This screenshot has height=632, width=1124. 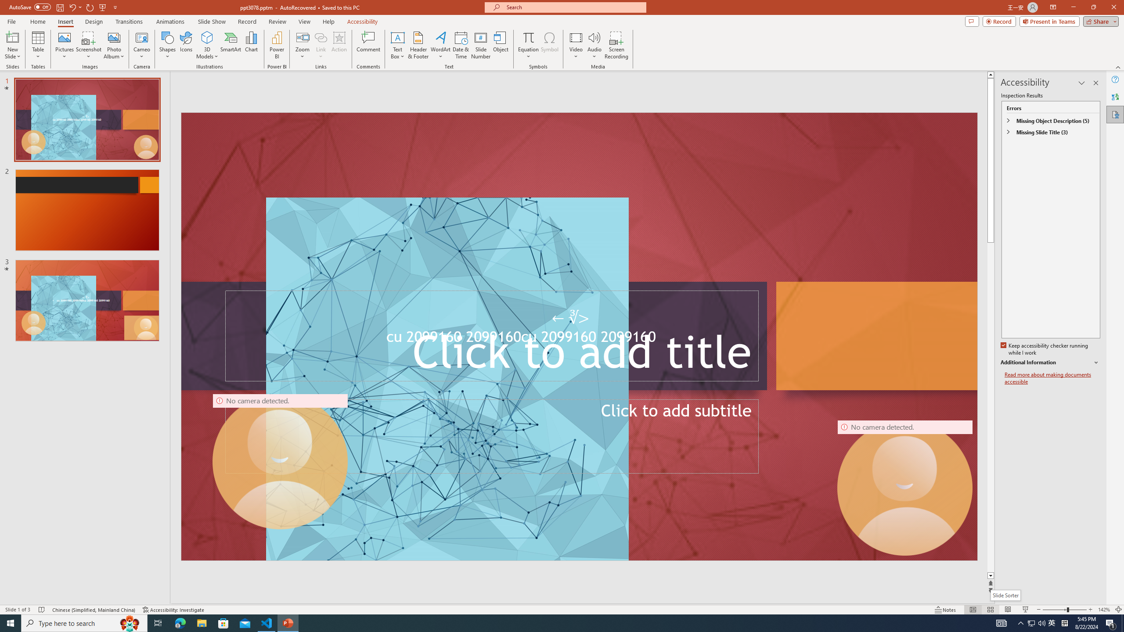 I want to click on 'Equation', so click(x=528, y=37).